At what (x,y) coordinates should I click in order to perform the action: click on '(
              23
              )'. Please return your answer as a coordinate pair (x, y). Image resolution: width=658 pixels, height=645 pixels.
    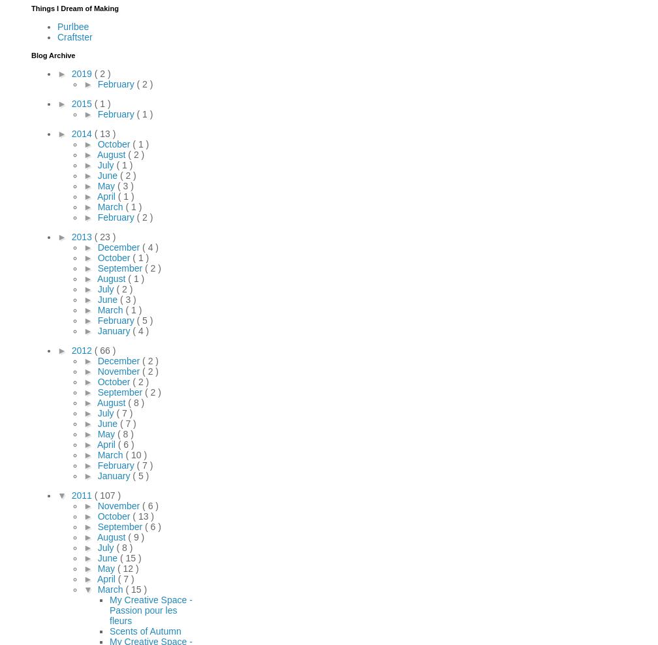
    Looking at the image, I should click on (104, 236).